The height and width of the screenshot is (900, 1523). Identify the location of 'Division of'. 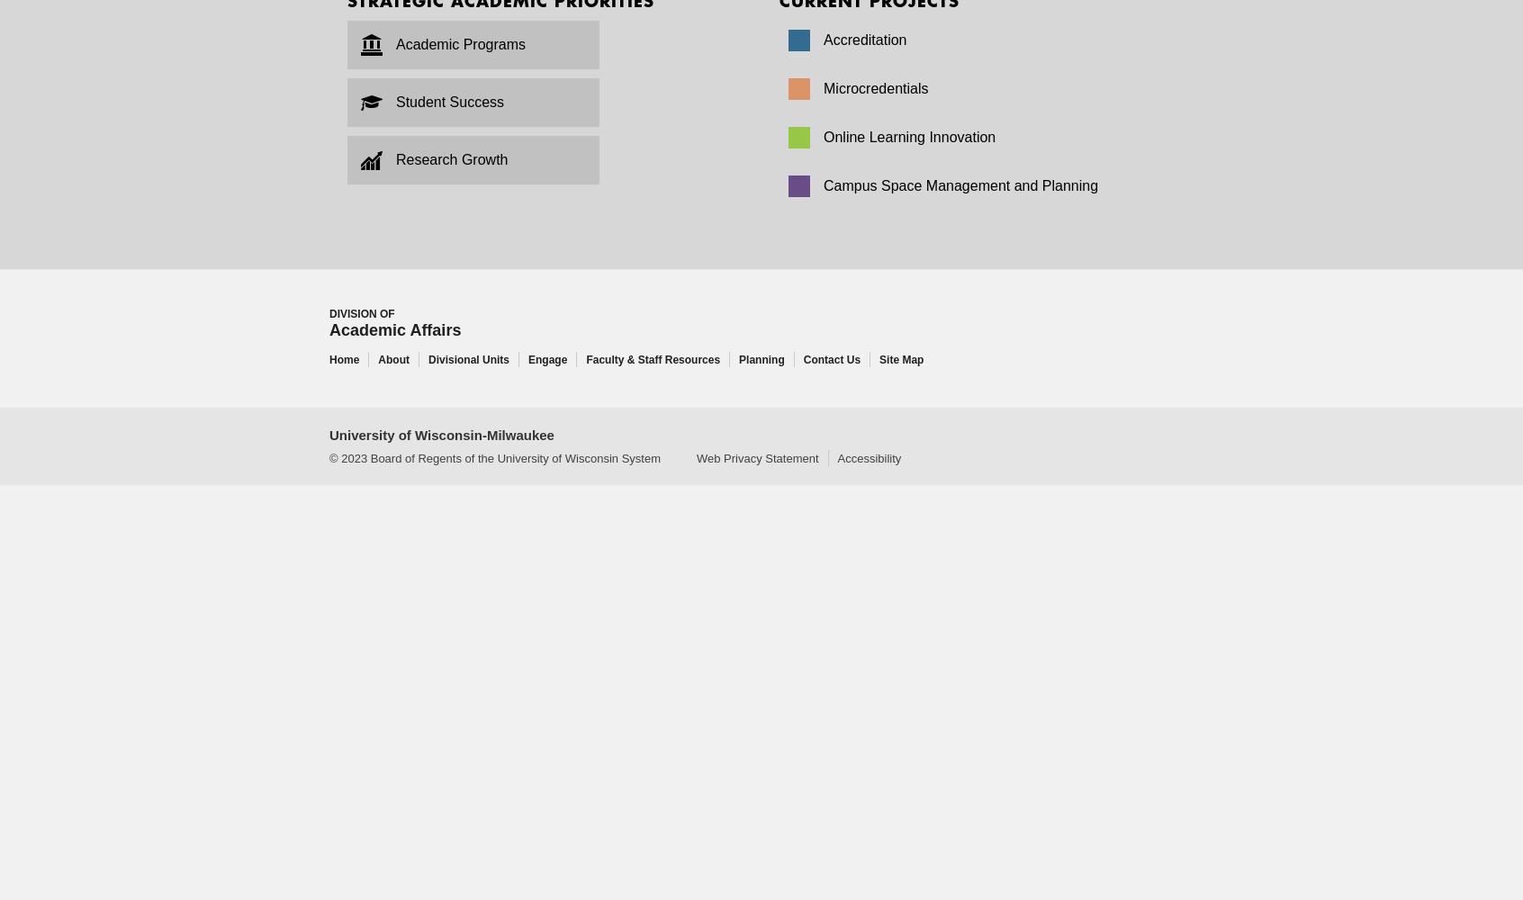
(362, 313).